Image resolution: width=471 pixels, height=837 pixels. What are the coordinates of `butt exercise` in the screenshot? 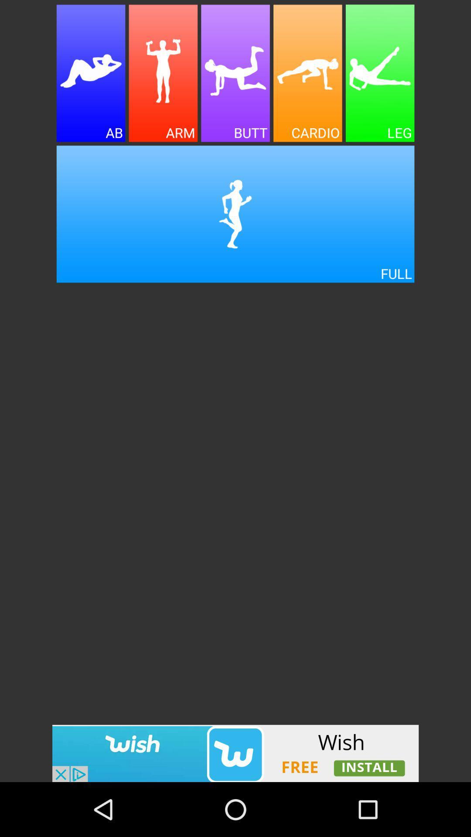 It's located at (235, 73).